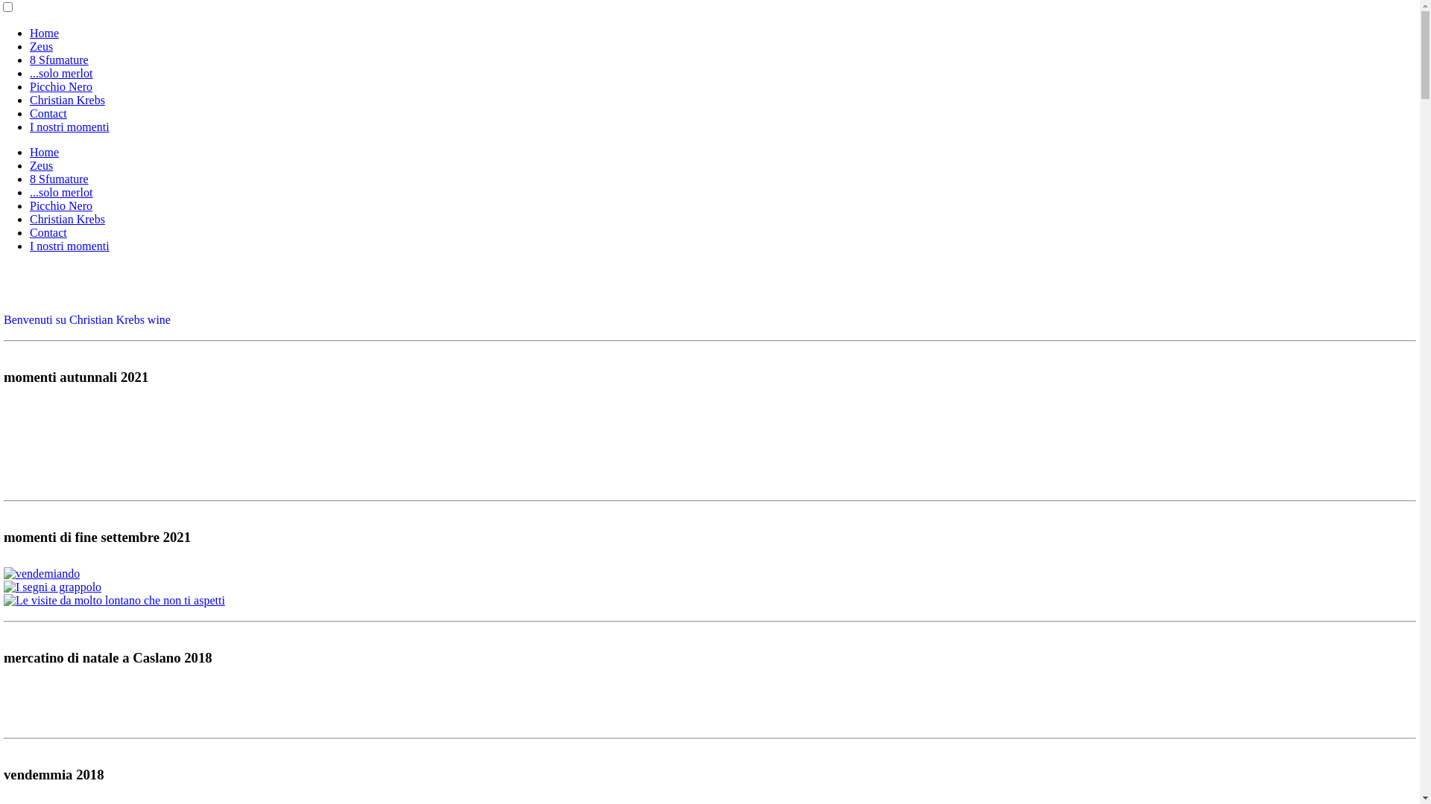  Describe the element at coordinates (66, 219) in the screenshot. I see `'Christian Krebs'` at that location.